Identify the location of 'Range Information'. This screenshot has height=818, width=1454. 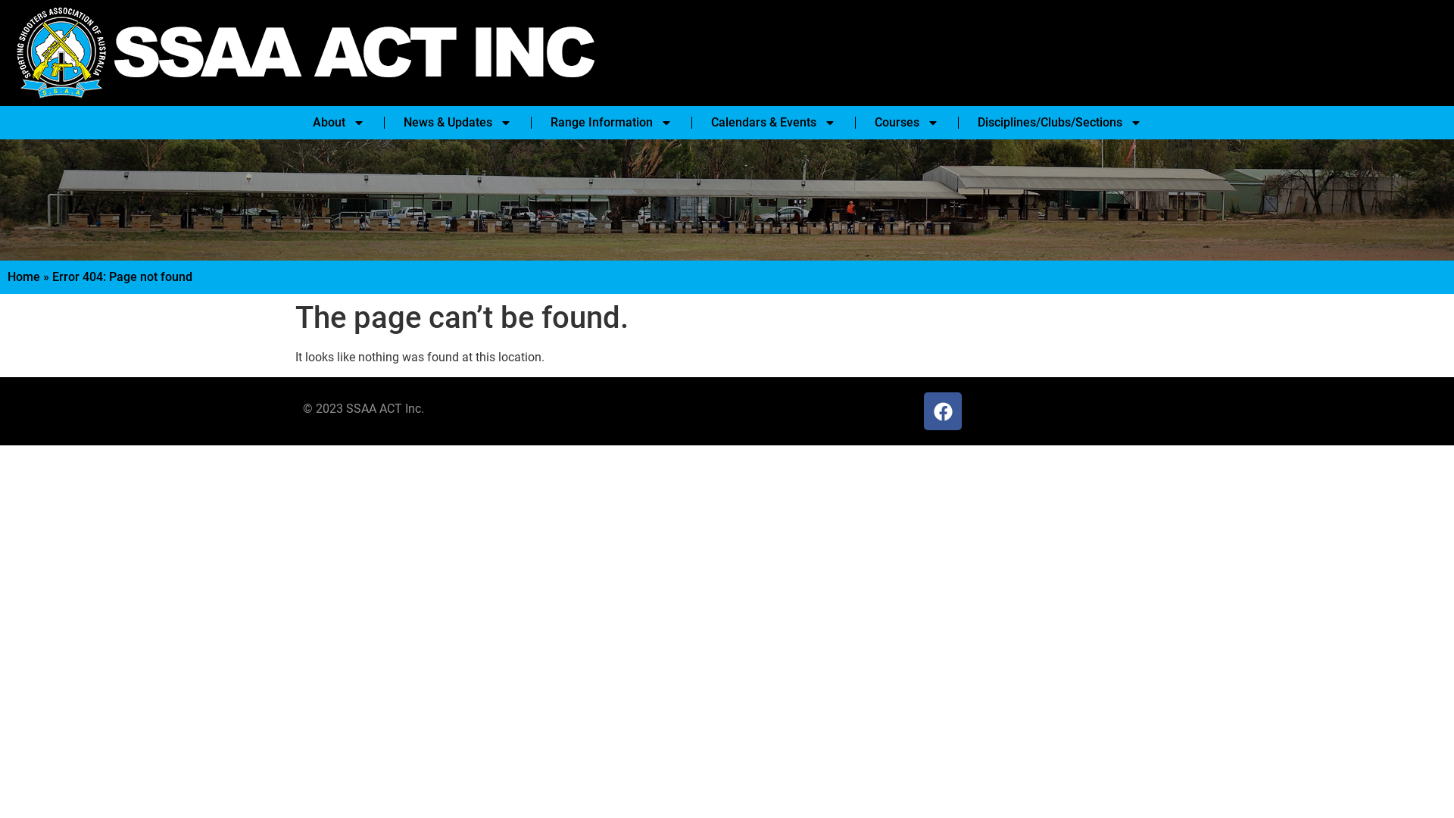
(610, 122).